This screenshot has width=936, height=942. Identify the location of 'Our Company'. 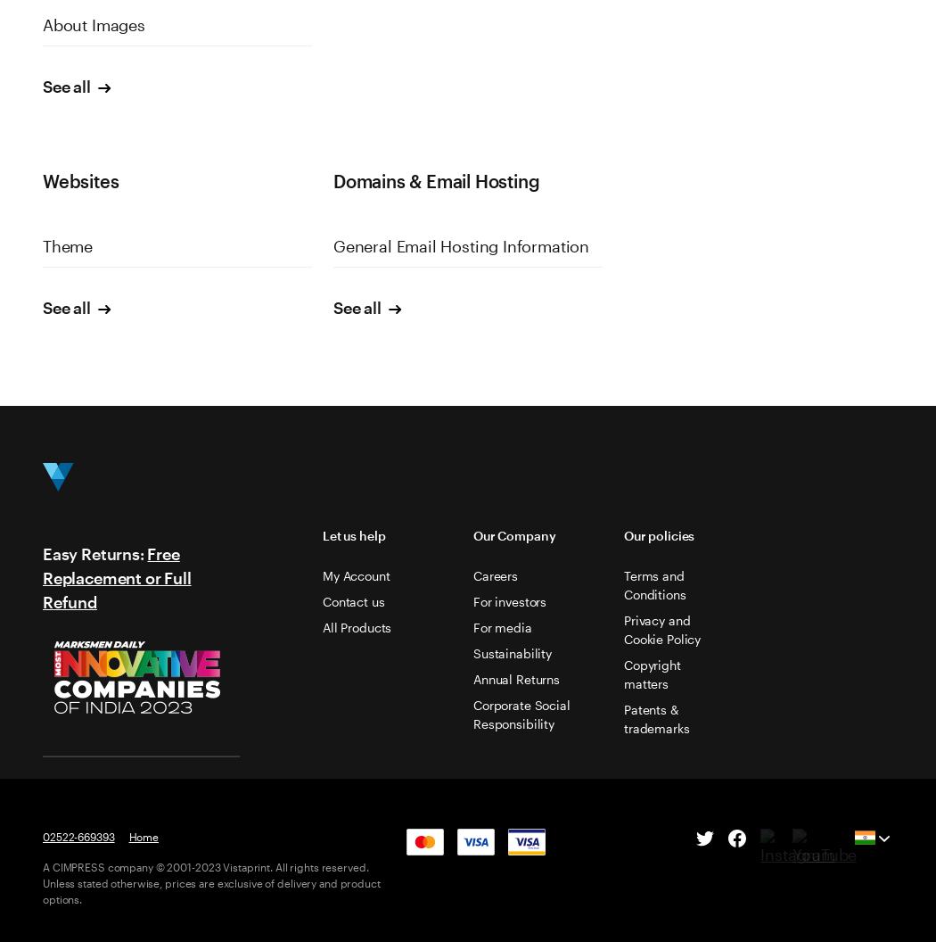
(513, 534).